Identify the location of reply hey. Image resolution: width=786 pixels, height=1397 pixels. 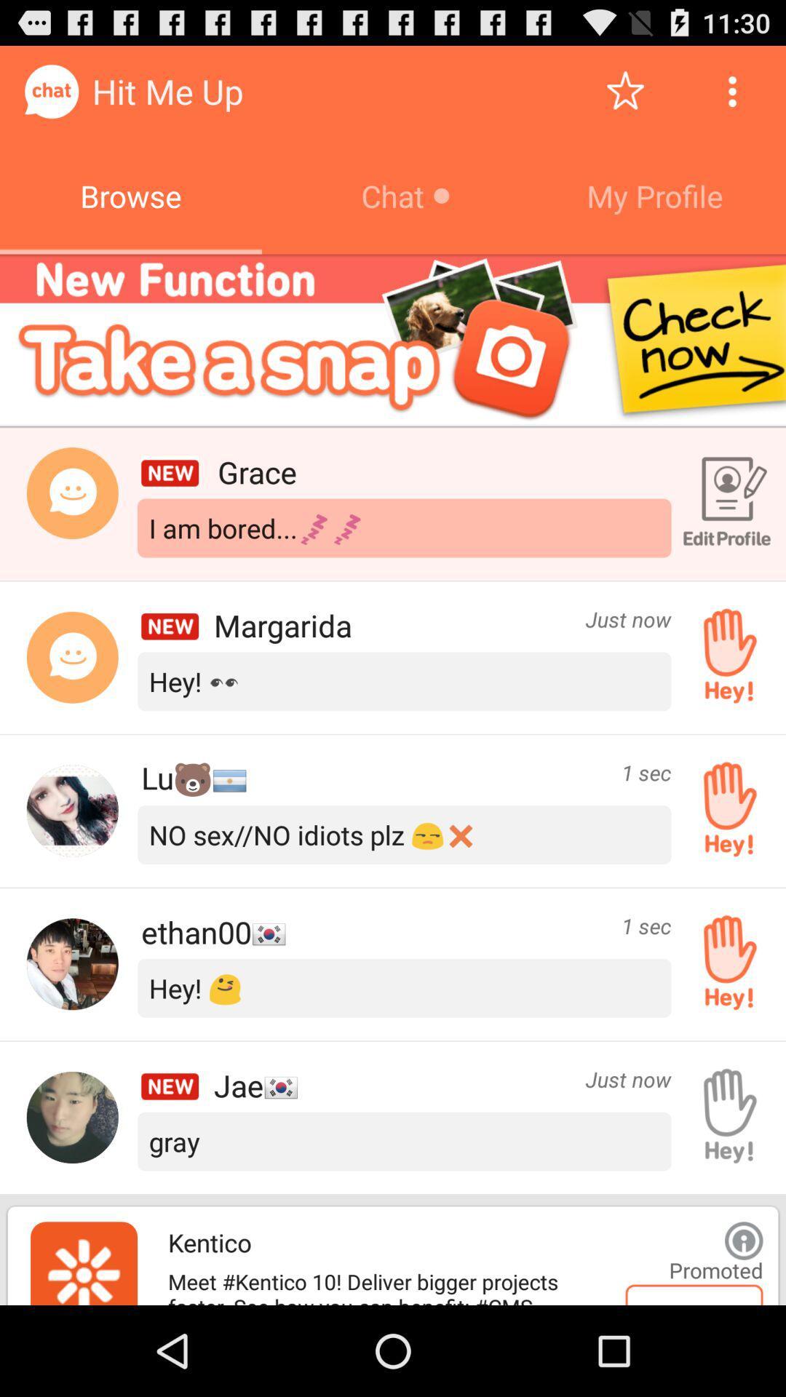
(724, 964).